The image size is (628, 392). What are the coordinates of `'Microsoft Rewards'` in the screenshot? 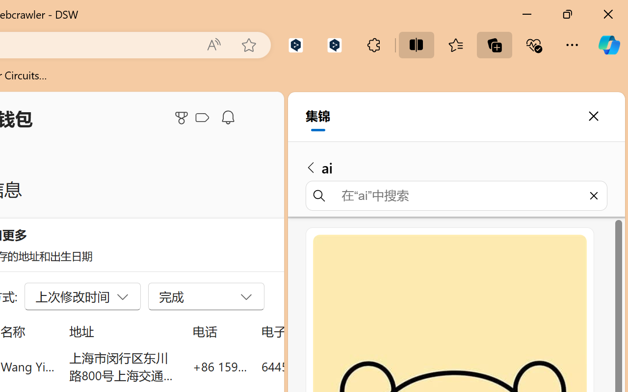 It's located at (183, 117).